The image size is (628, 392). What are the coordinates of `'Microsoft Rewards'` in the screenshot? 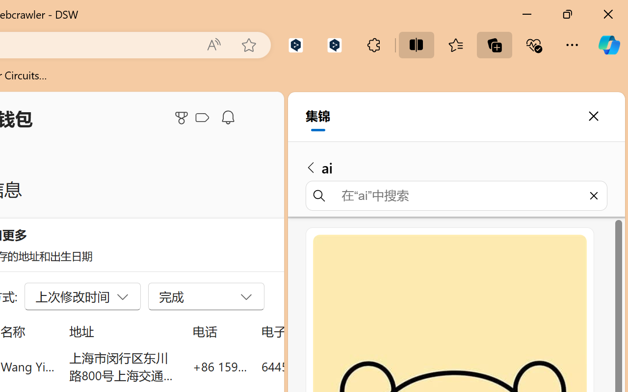 It's located at (183, 117).